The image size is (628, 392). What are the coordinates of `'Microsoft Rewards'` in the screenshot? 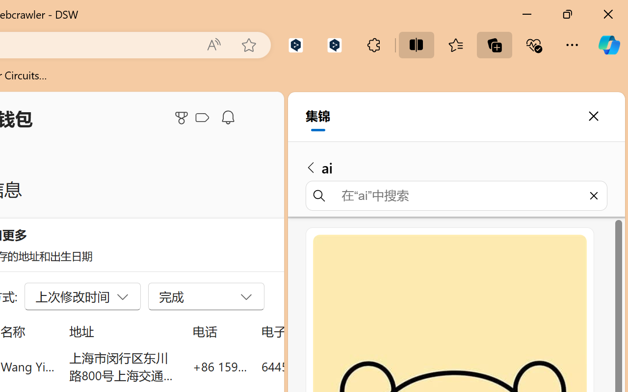 It's located at (183, 117).